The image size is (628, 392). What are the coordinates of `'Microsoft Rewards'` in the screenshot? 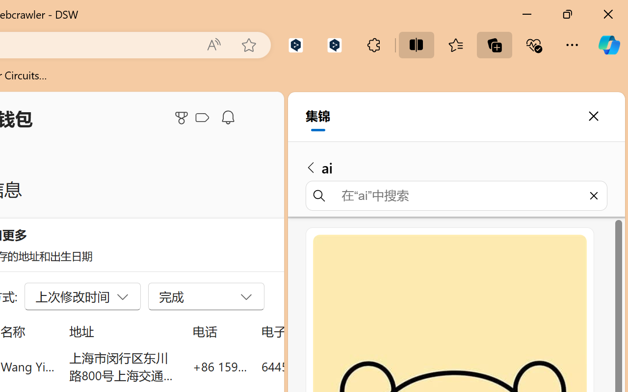 It's located at (183, 117).